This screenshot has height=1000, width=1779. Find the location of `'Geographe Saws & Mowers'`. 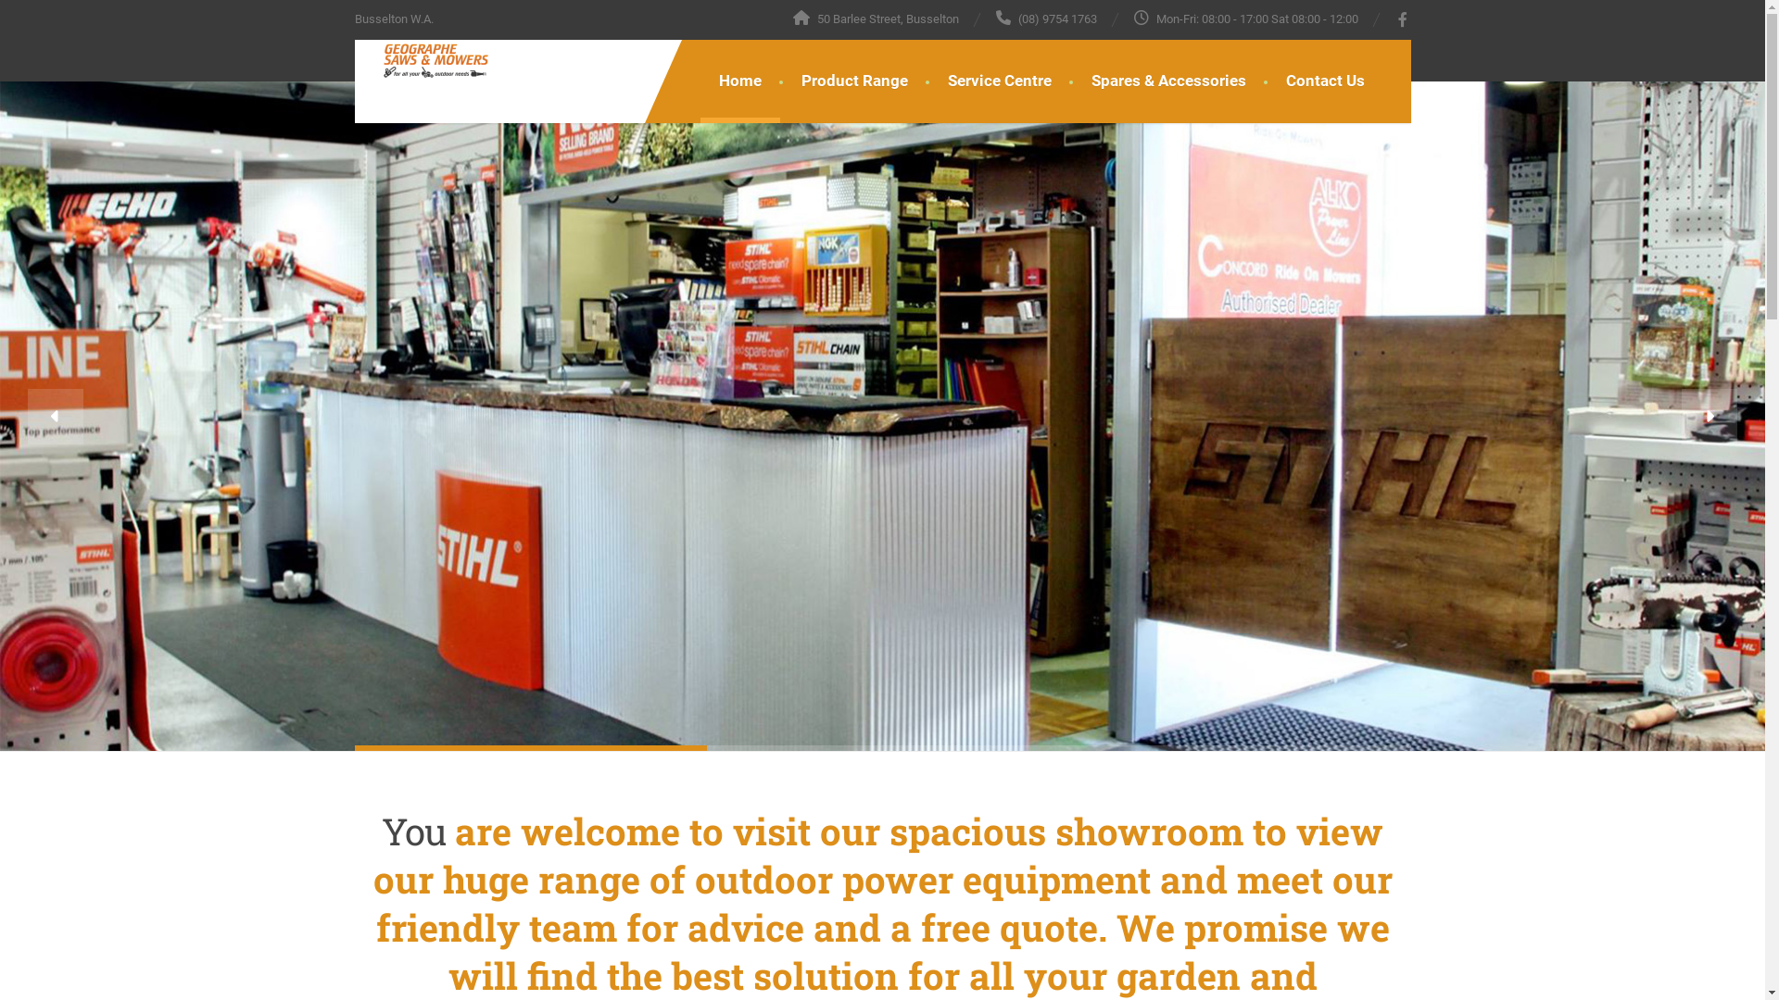

'Geographe Saws & Mowers' is located at coordinates (420, 59).